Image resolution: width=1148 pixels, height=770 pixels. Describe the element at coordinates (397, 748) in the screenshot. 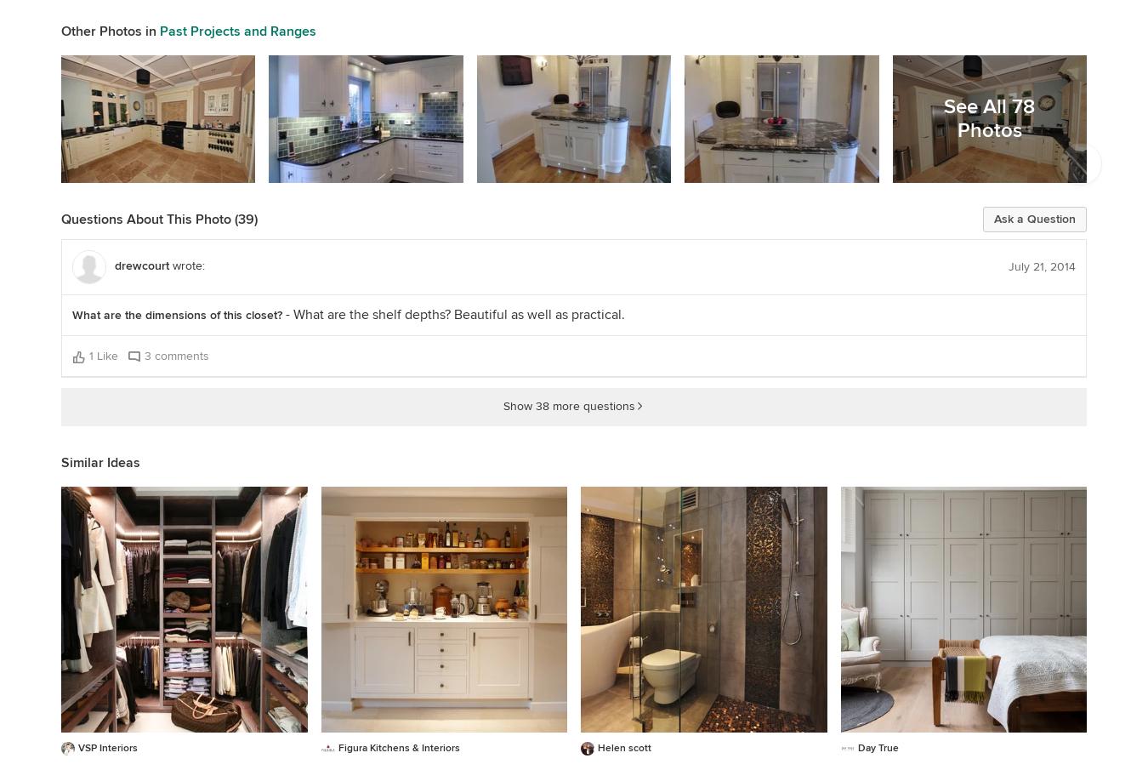

I see `'Figura Kitchens & Interiors'` at that location.